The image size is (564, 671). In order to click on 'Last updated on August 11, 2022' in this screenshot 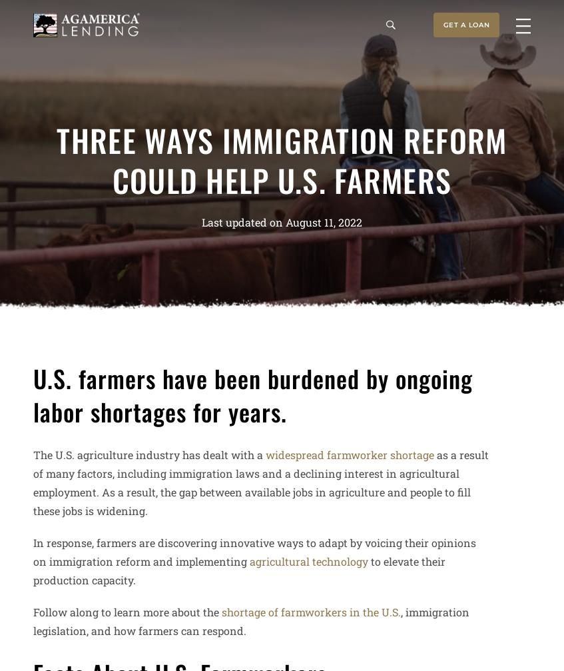, I will do `click(281, 222)`.